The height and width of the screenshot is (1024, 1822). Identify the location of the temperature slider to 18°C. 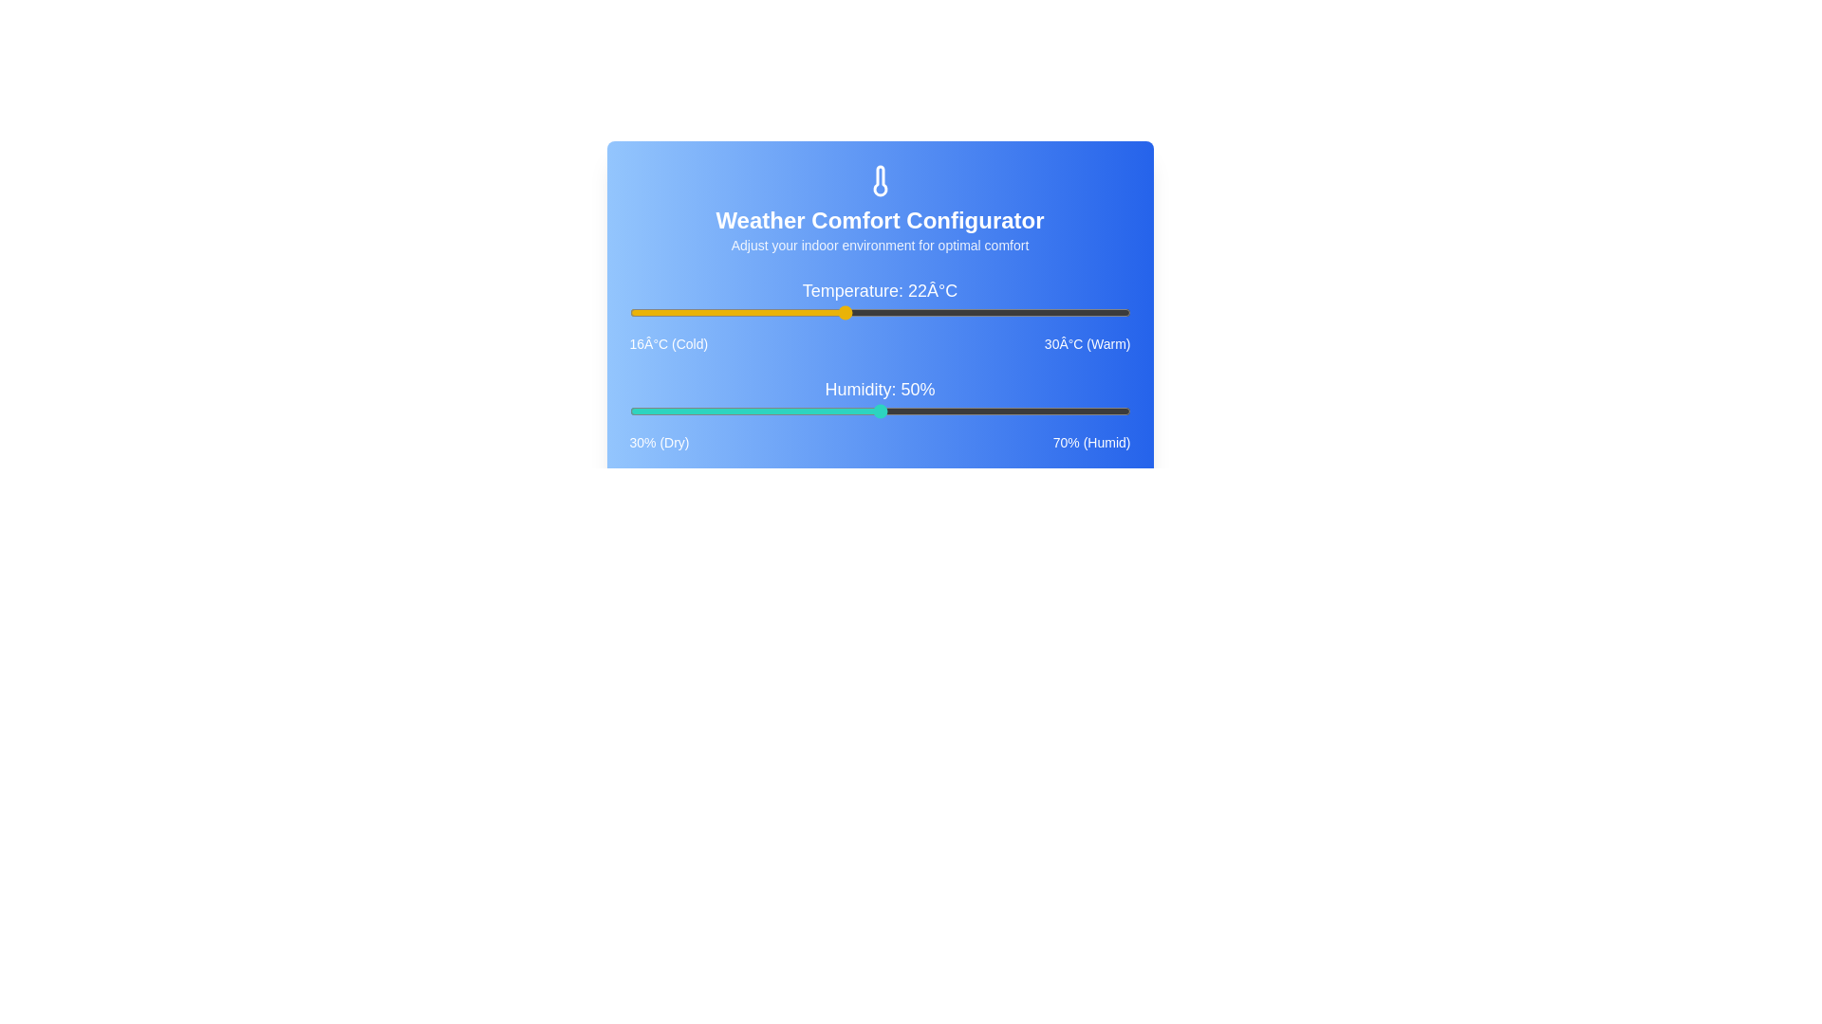
(700, 312).